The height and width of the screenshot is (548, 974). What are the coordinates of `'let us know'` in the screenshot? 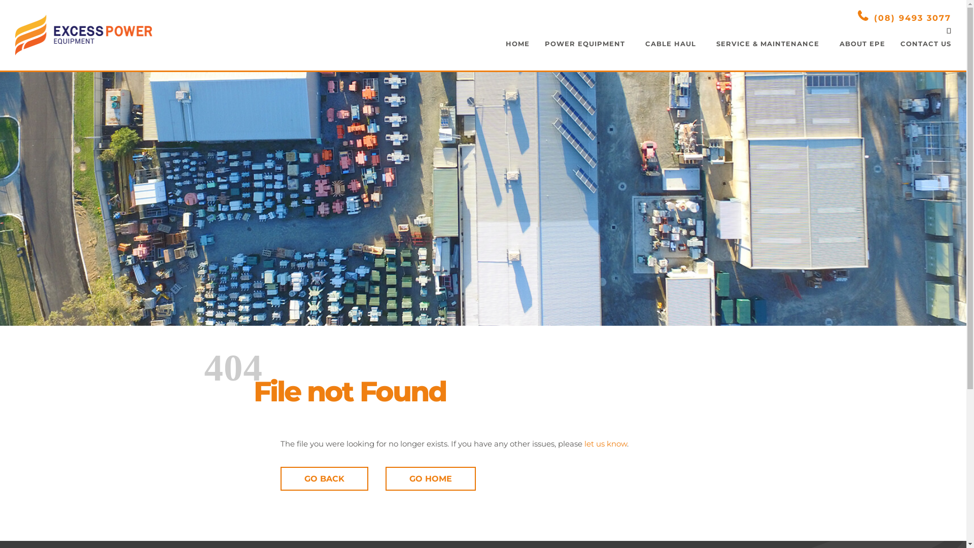 It's located at (606, 443).